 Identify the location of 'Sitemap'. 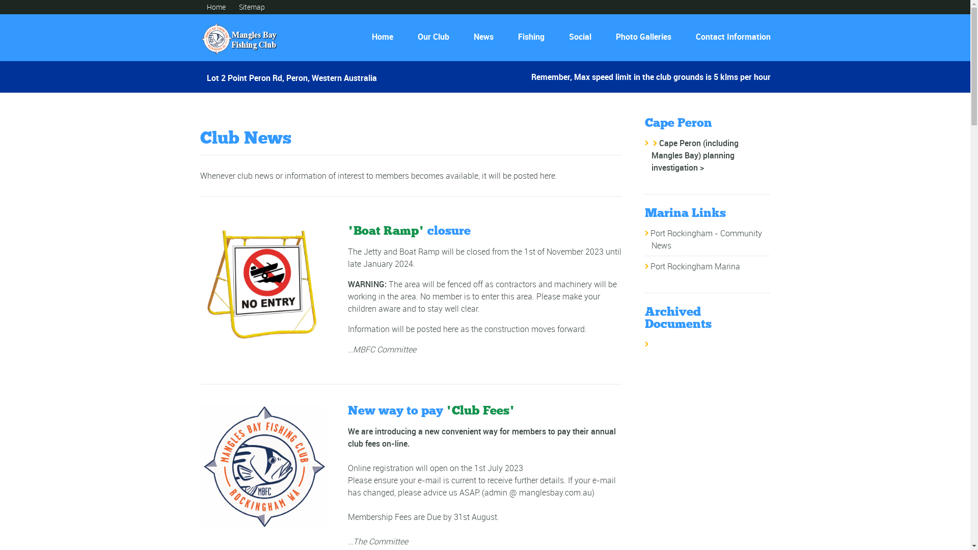
(238, 7).